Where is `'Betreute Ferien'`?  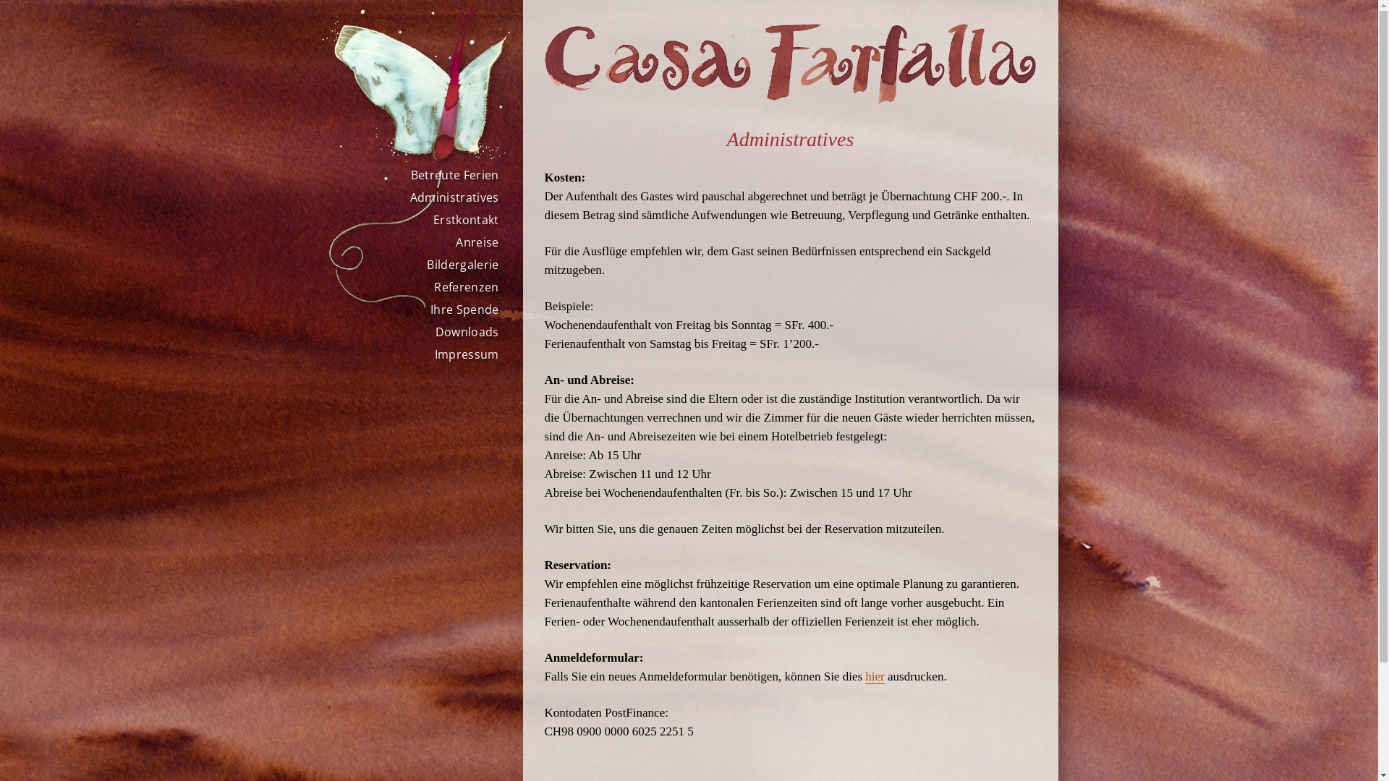 'Betreute Ferien' is located at coordinates (454, 174).